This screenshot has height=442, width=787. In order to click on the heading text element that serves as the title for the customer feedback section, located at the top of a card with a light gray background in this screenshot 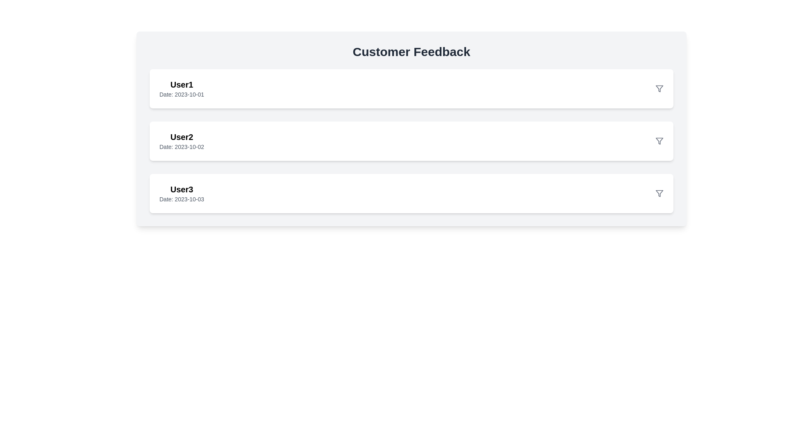, I will do `click(411, 52)`.